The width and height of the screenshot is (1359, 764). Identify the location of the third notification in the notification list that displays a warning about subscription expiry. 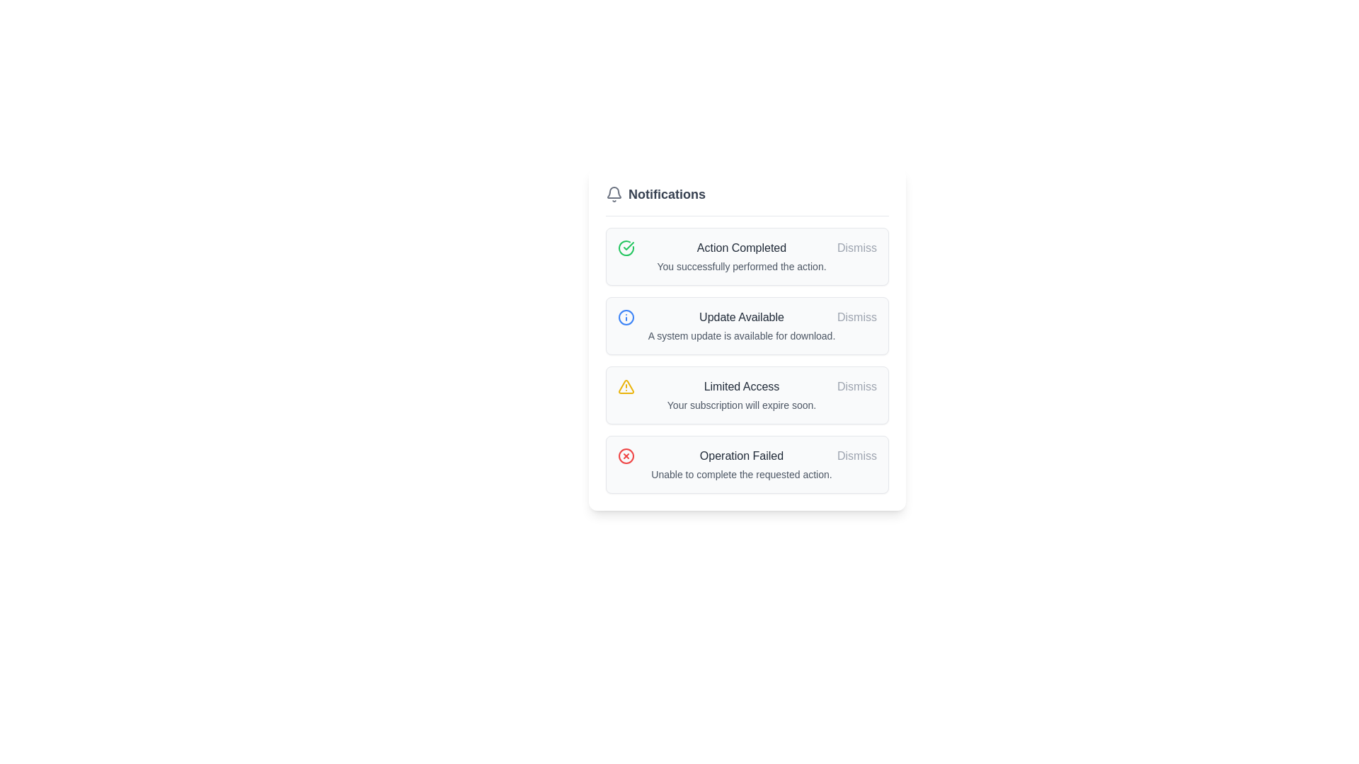
(740, 395).